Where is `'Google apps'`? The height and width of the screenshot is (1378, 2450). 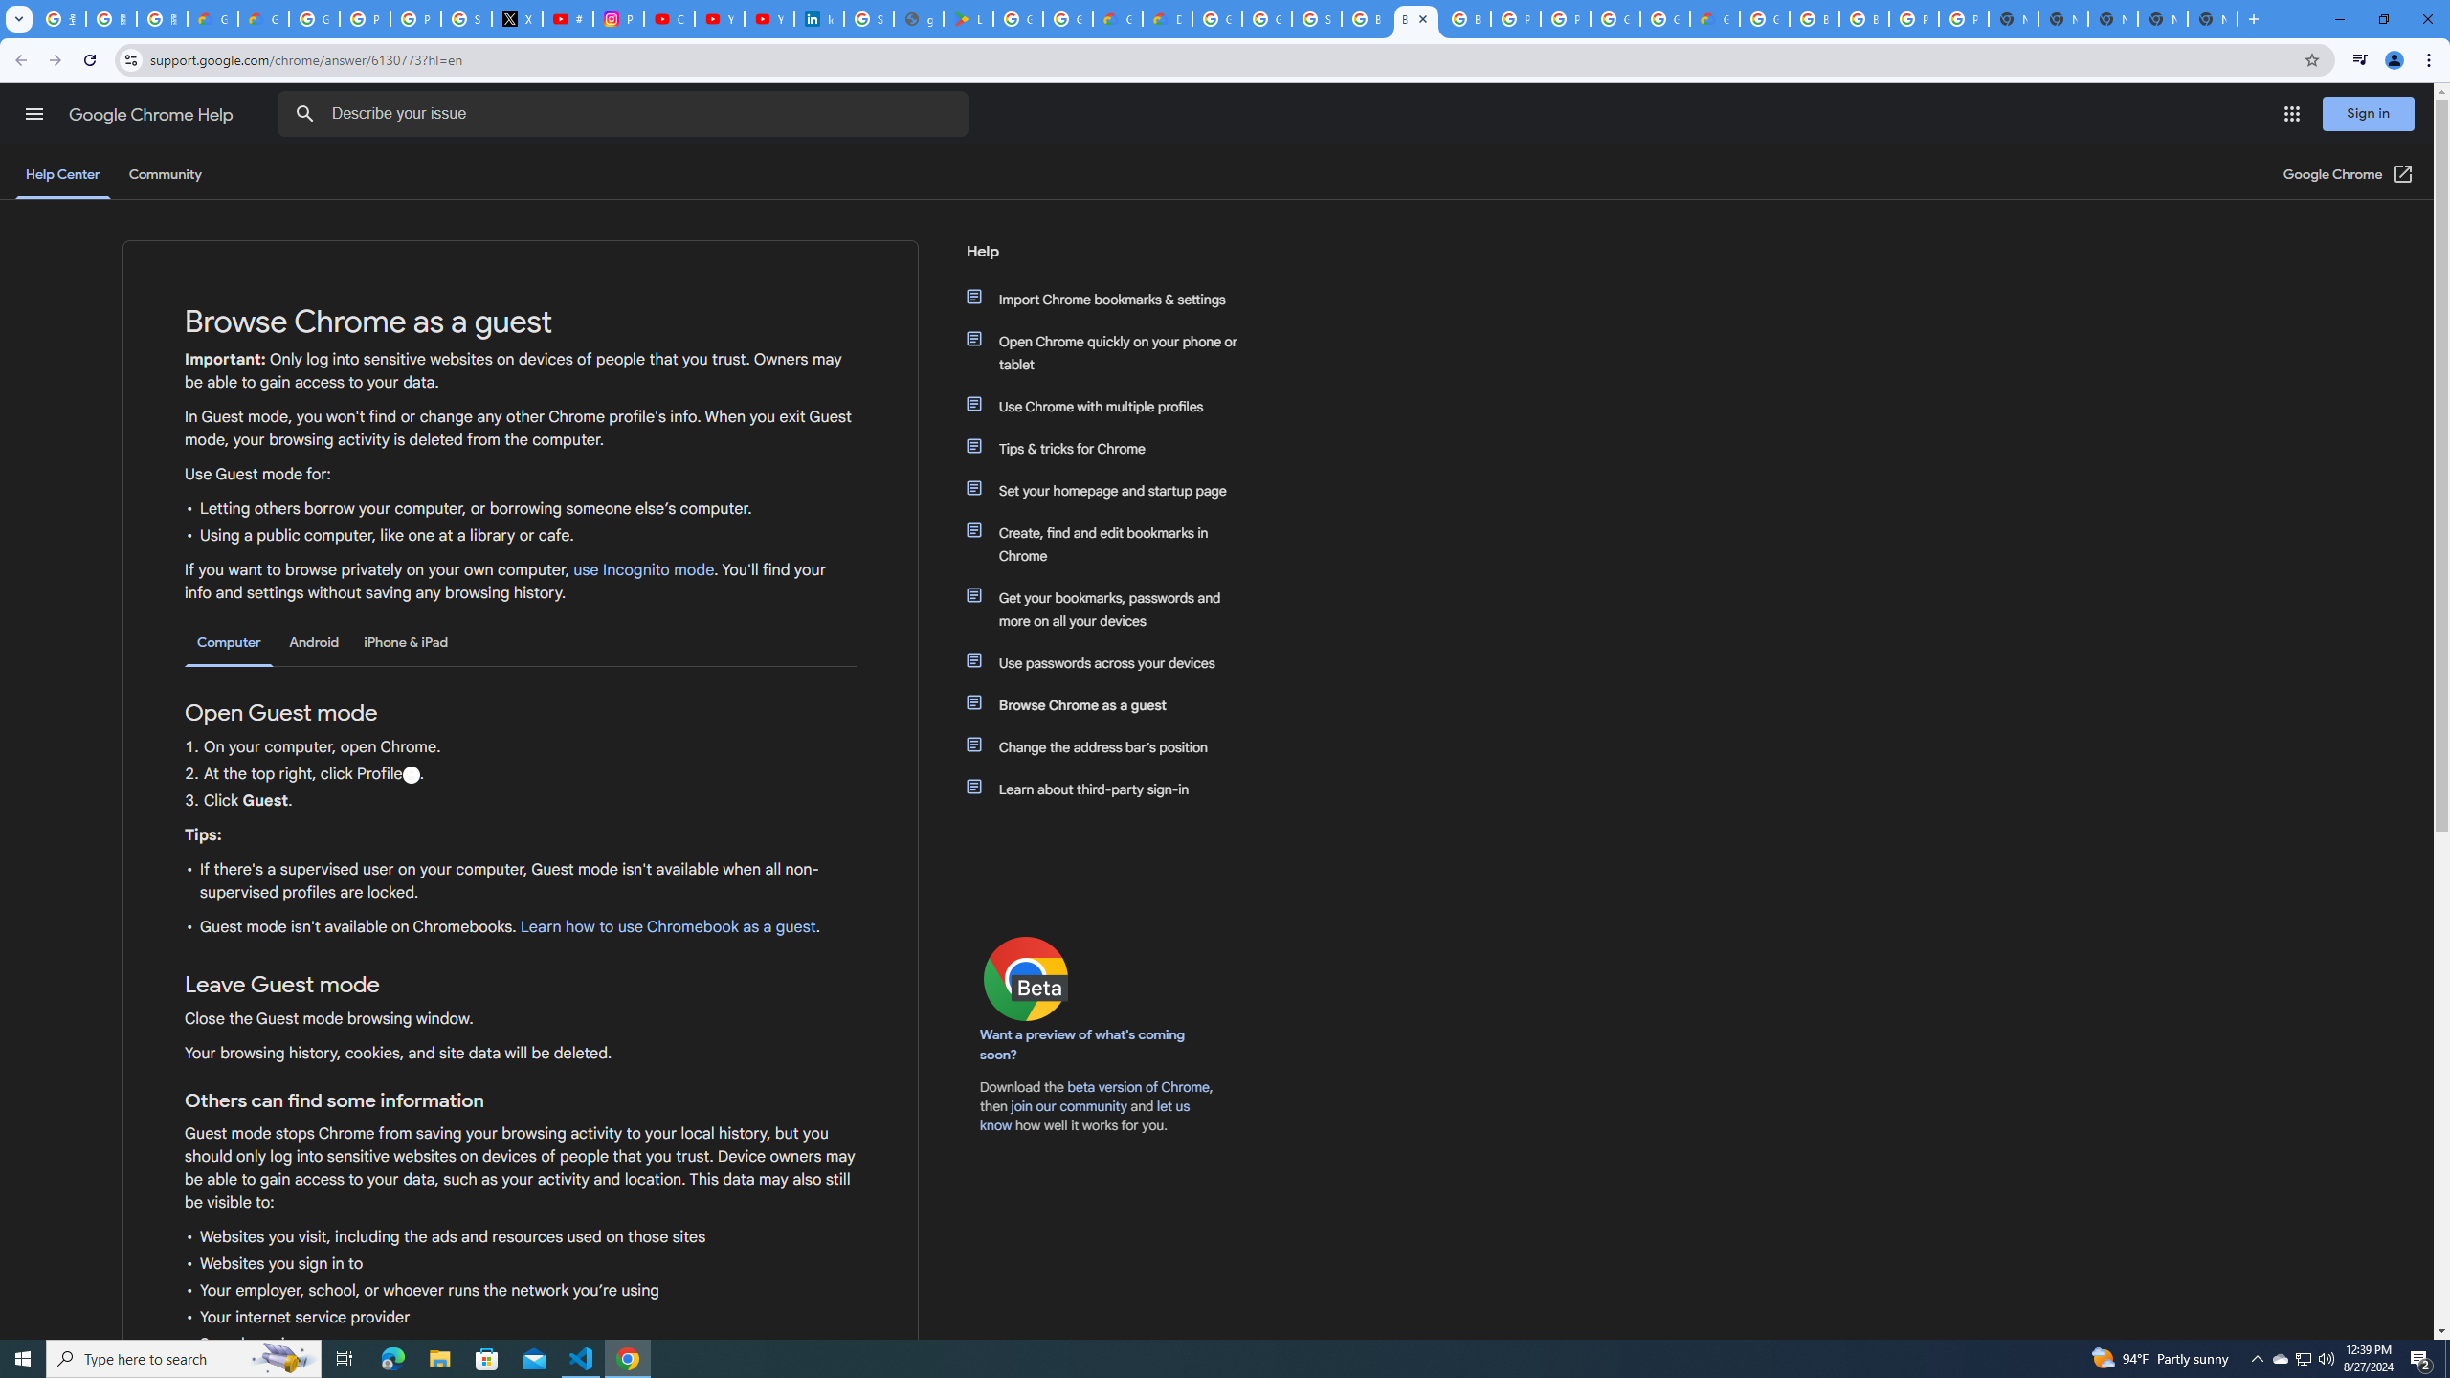
'Google apps' is located at coordinates (2290, 113).